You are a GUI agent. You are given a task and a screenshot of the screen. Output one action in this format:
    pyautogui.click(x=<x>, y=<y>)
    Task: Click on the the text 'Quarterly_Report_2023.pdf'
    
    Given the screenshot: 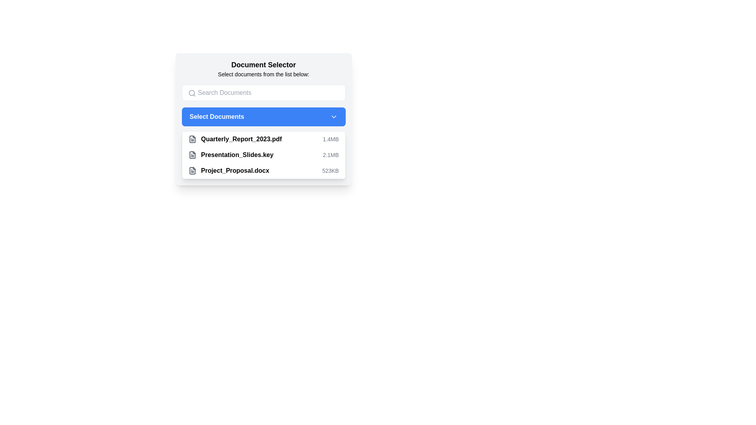 What is the action you would take?
    pyautogui.click(x=235, y=139)
    